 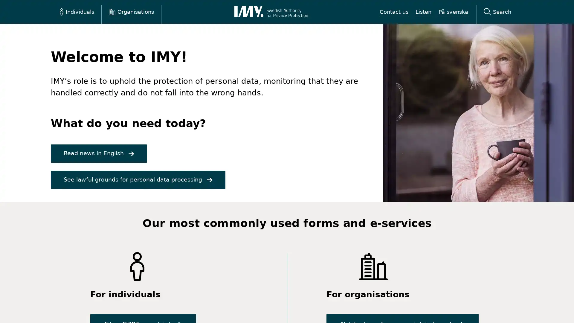 I want to click on Listen, so click(x=423, y=12).